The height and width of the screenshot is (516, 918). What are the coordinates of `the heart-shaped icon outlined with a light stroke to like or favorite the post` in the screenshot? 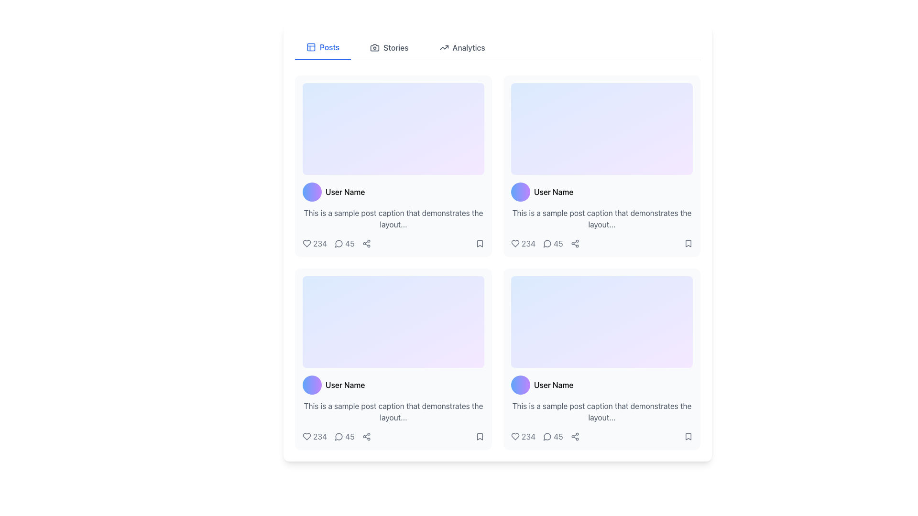 It's located at (307, 243).